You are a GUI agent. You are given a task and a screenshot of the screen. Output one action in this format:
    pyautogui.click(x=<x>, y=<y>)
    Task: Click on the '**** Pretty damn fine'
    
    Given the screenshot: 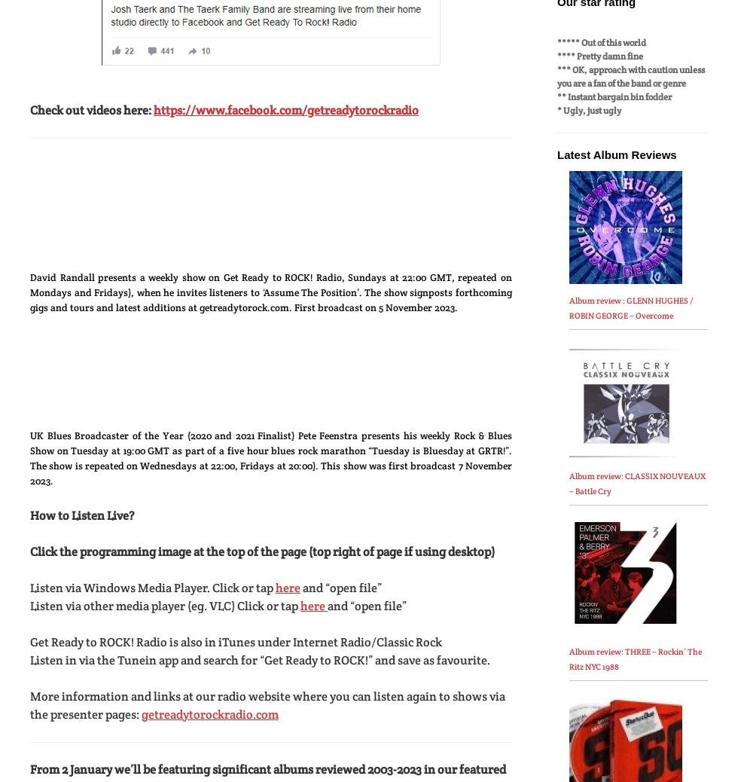 What is the action you would take?
    pyautogui.click(x=600, y=54)
    